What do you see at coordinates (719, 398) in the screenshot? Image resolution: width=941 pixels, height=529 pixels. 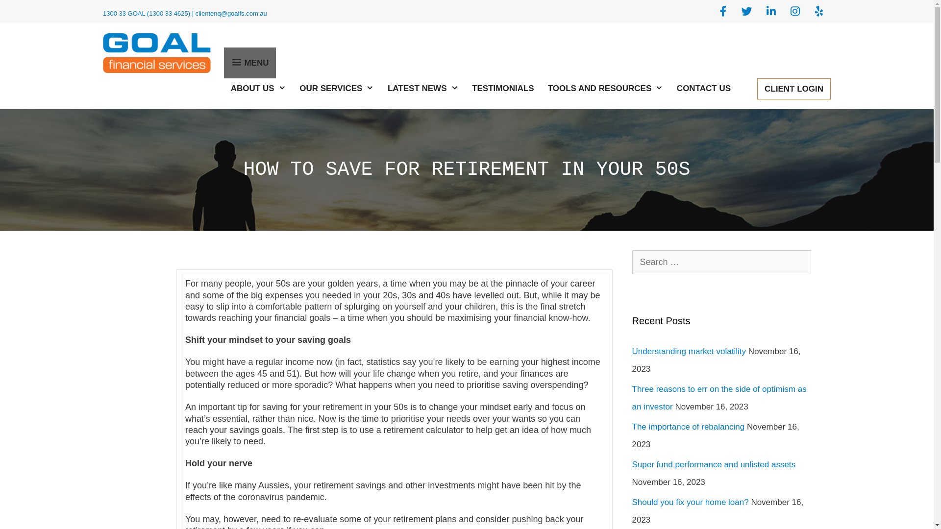 I see `'Three reasons to err on the side of optimism as an investor'` at bounding box center [719, 398].